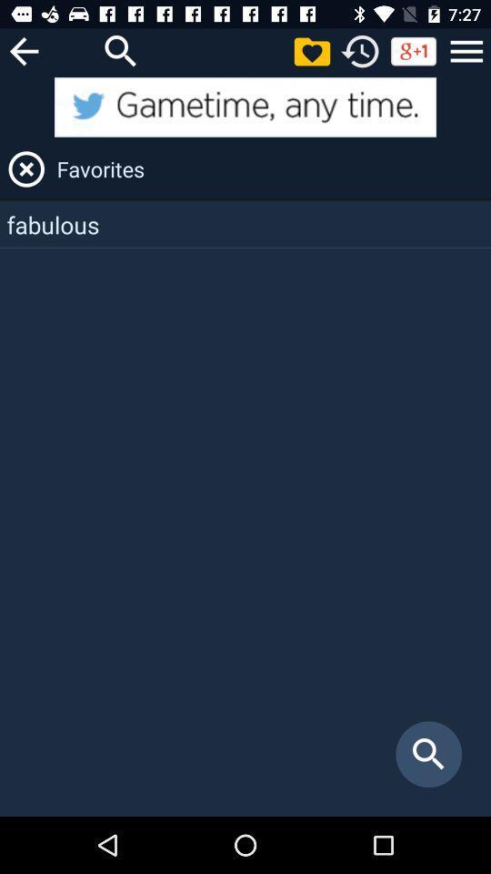  What do you see at coordinates (466, 50) in the screenshot?
I see `open menu` at bounding box center [466, 50].